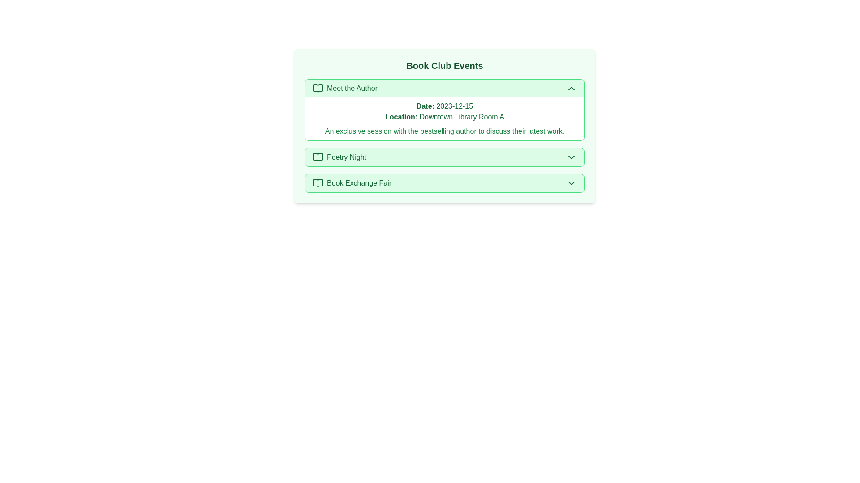  What do you see at coordinates (445, 119) in the screenshot?
I see `the Text Content Box located below the 'Meet the Author' header, which contains highlighted date and location details` at bounding box center [445, 119].